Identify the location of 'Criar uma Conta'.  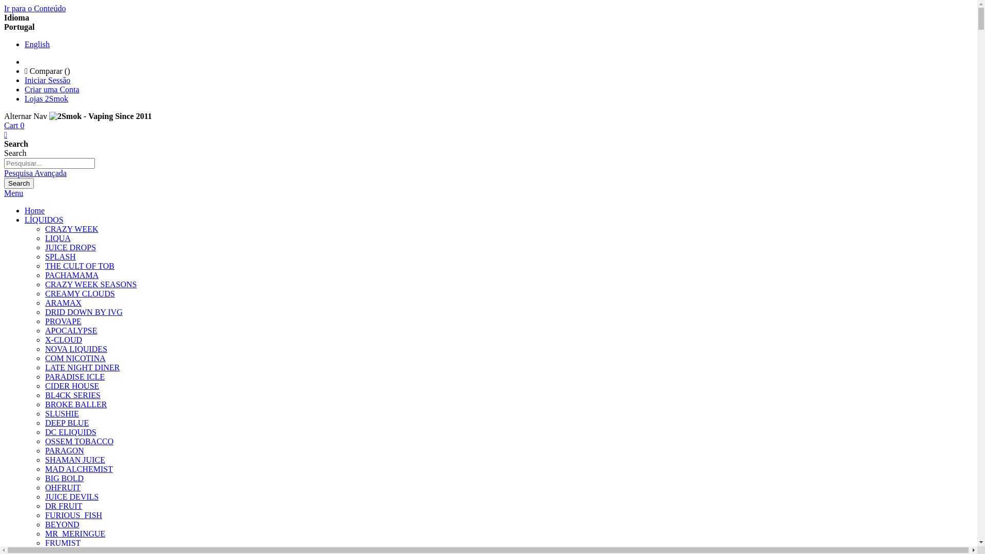
(51, 89).